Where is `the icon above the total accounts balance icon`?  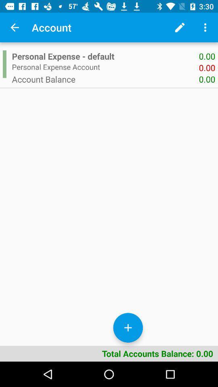 the icon above the total accounts balance icon is located at coordinates (4, 64).